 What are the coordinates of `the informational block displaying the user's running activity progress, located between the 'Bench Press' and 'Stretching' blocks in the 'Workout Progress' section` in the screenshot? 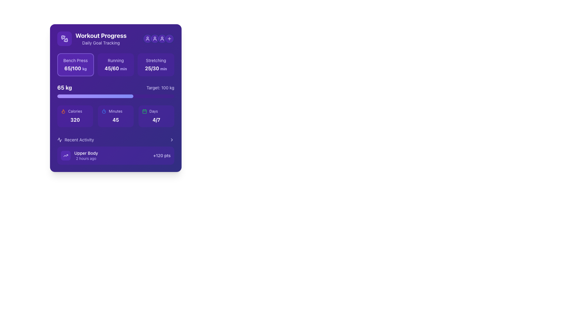 It's located at (116, 64).